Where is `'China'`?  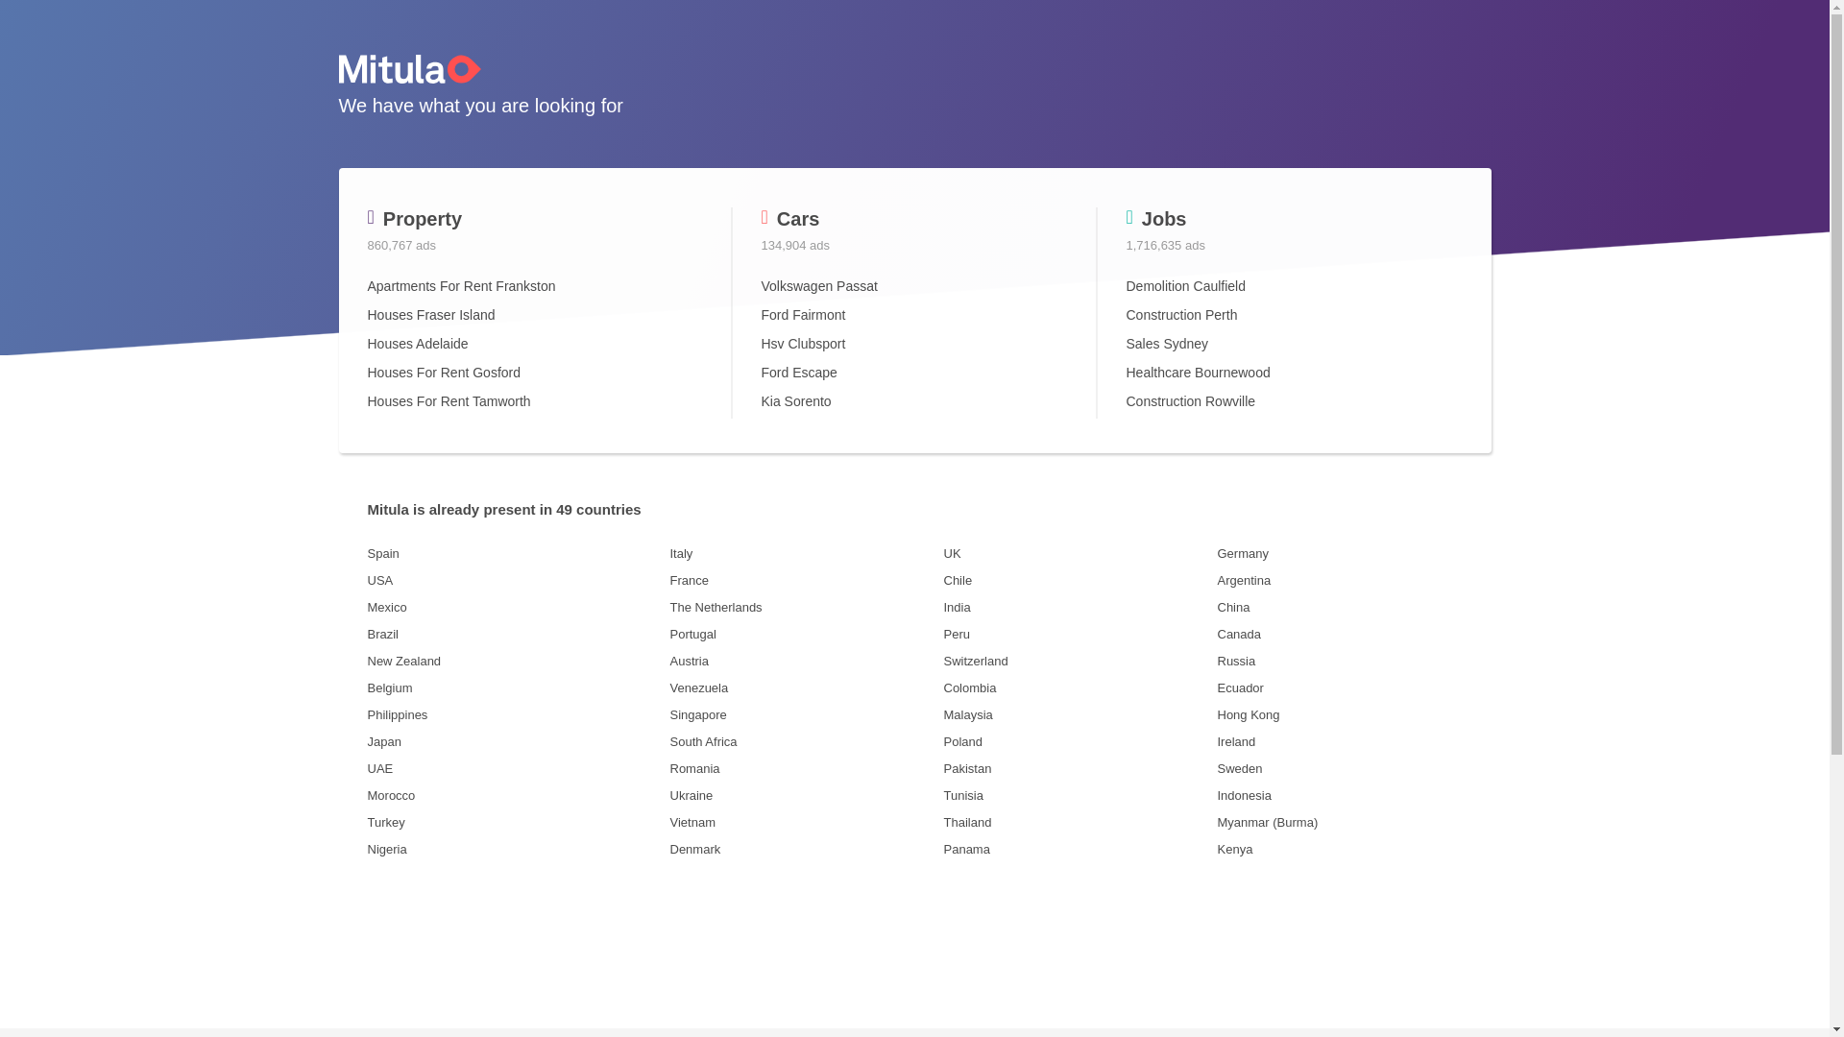 'China' is located at coordinates (1216, 607).